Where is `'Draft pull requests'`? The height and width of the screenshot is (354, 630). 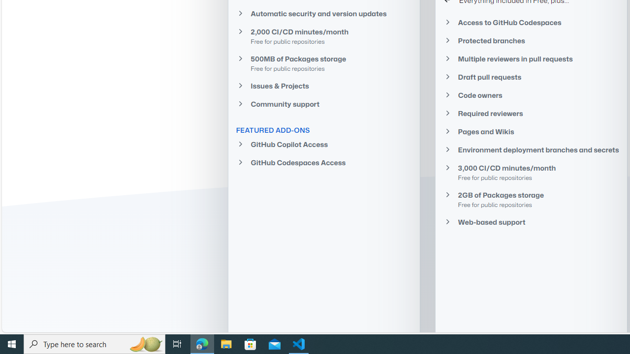 'Draft pull requests' is located at coordinates (531, 76).